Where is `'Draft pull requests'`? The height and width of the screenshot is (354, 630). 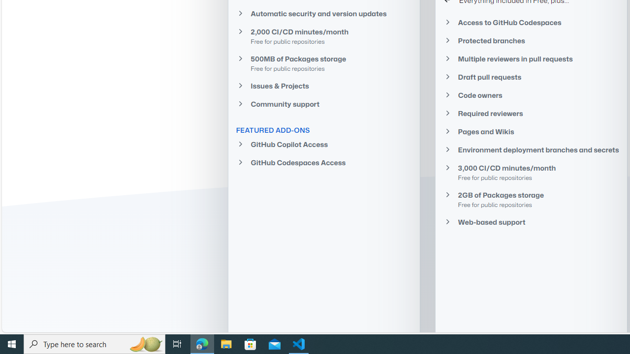 'Draft pull requests' is located at coordinates (531, 76).